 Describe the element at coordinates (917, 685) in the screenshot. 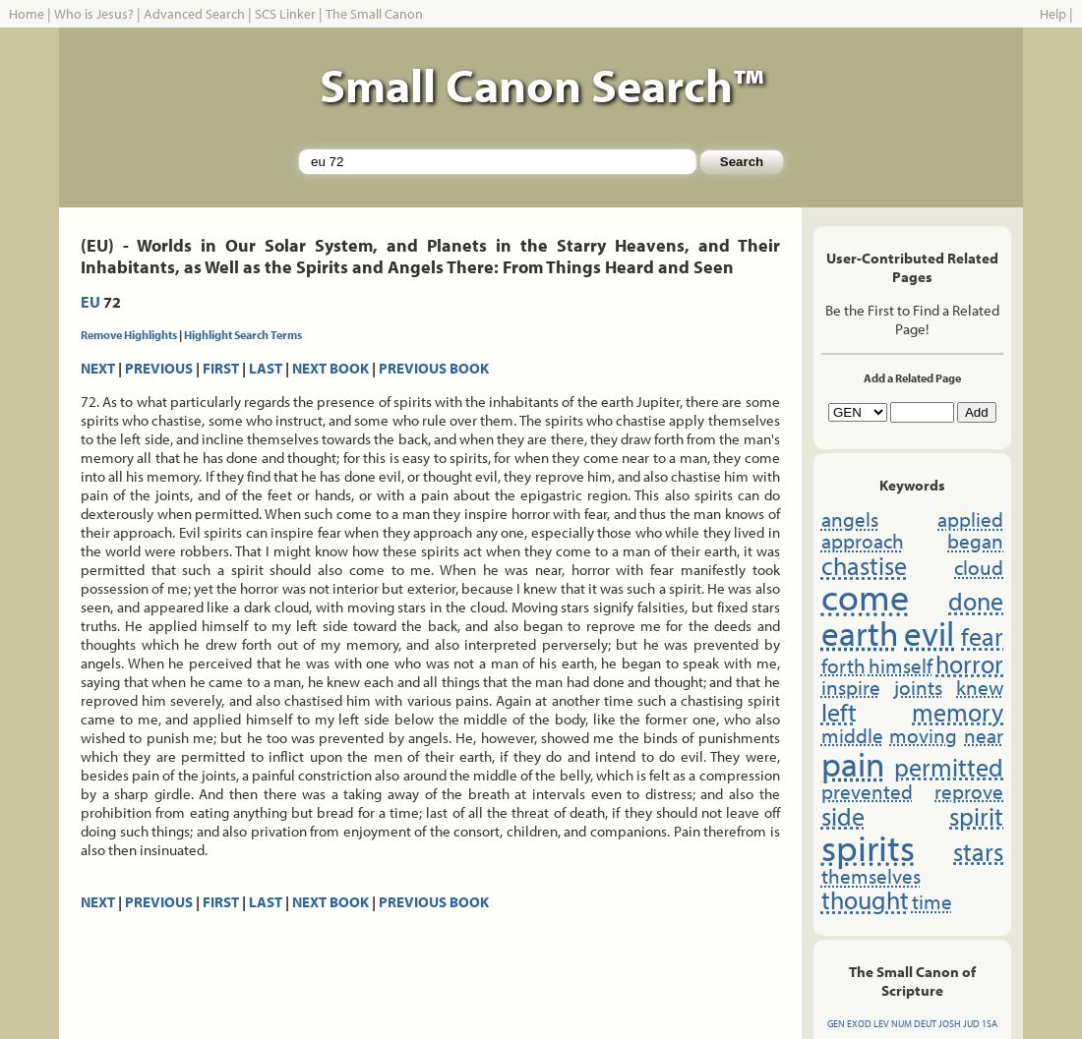

I see `'joints'` at that location.